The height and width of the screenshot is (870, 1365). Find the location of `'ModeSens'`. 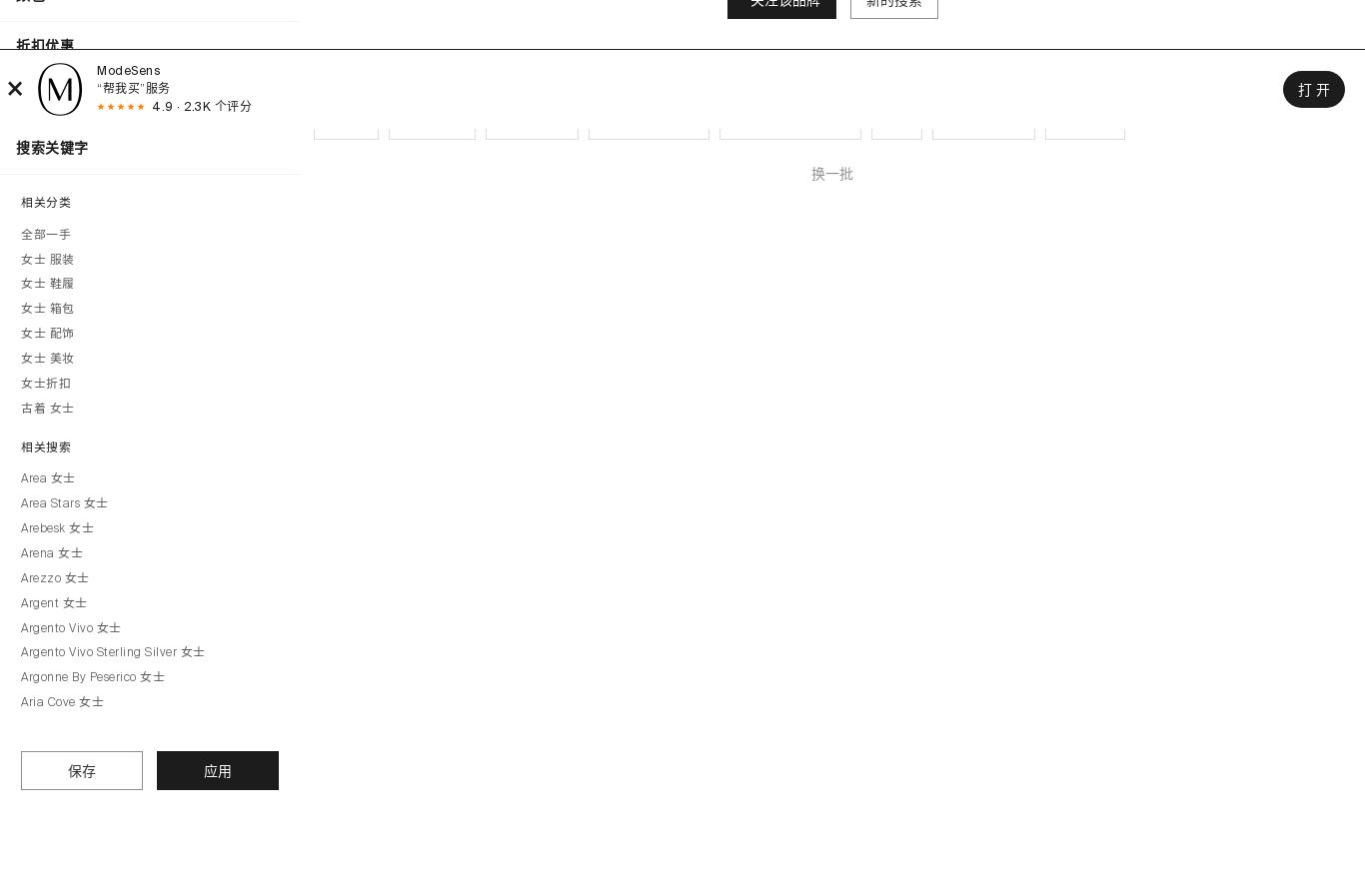

'ModeSens' is located at coordinates (127, 69).